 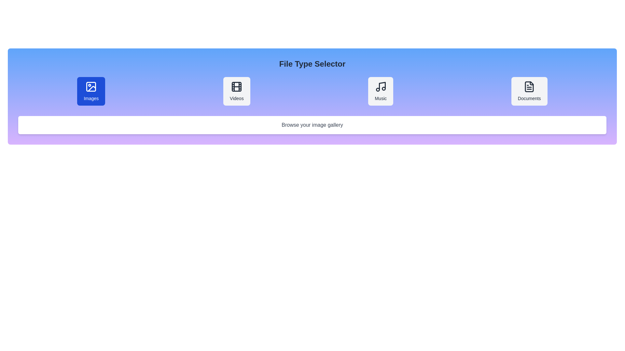 What do you see at coordinates (529, 91) in the screenshot?
I see `the file type Documents to display its description` at bounding box center [529, 91].